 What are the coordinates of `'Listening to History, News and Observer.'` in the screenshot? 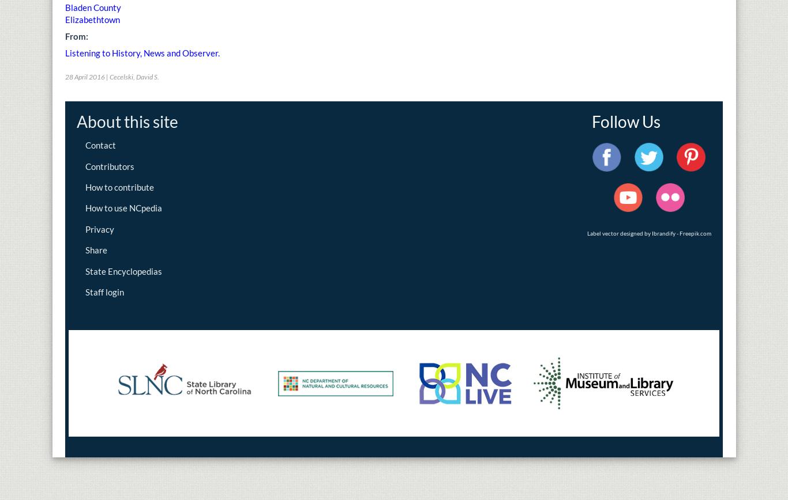 It's located at (142, 52).